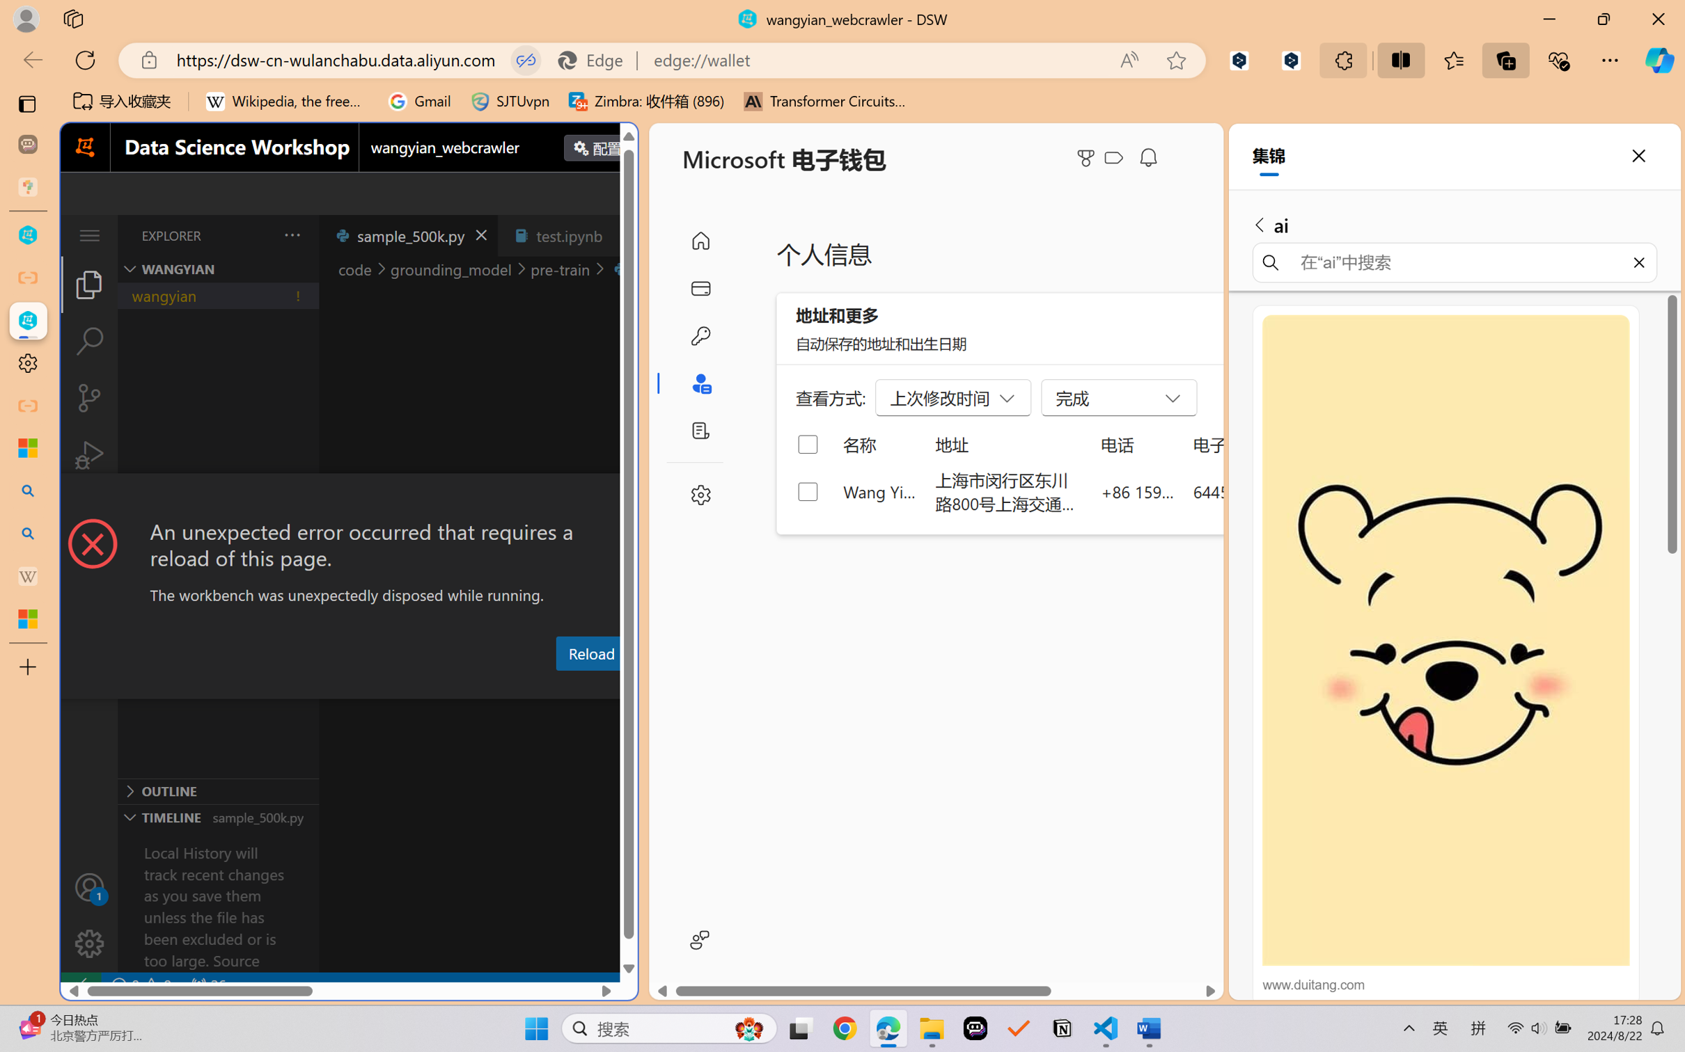  Describe the element at coordinates (1116, 158) in the screenshot. I see `'Microsoft Cashback'` at that location.